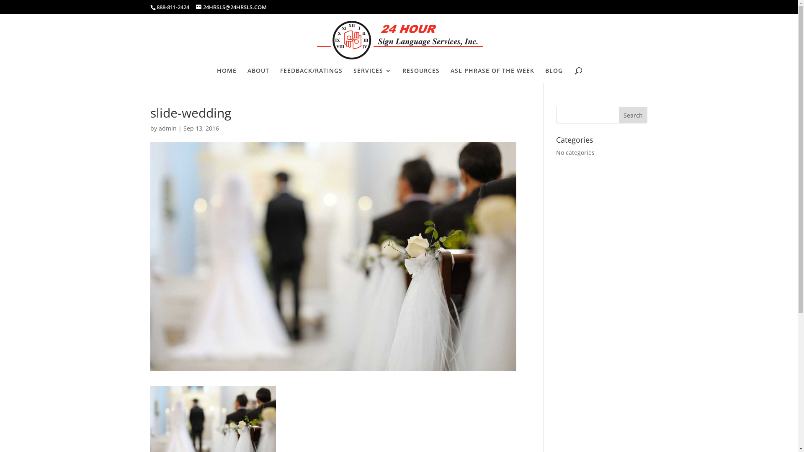  Describe the element at coordinates (310, 75) in the screenshot. I see `'FEEDBACK/RATINGS'` at that location.